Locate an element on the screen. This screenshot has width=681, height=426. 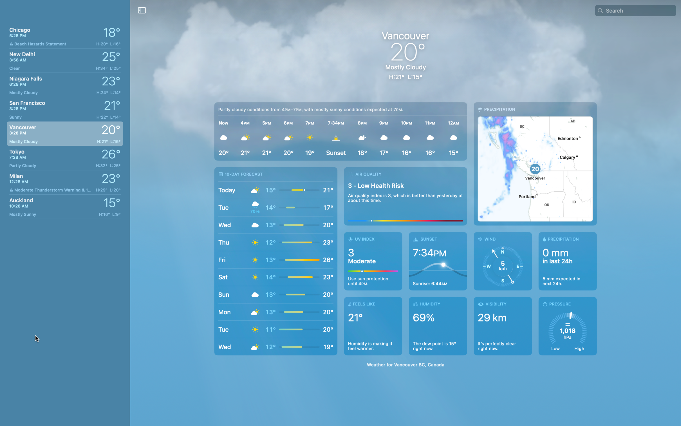
out the location of the sun in Vancouver is located at coordinates (438, 261).